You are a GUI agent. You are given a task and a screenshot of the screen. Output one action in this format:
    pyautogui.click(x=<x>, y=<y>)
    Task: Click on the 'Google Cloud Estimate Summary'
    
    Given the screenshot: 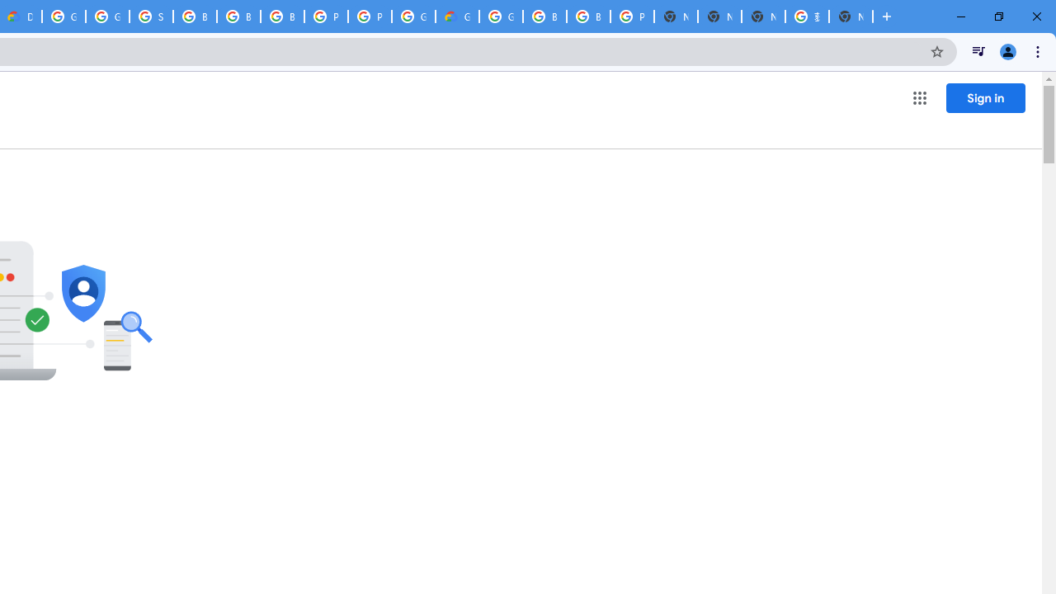 What is the action you would take?
    pyautogui.click(x=457, y=16)
    